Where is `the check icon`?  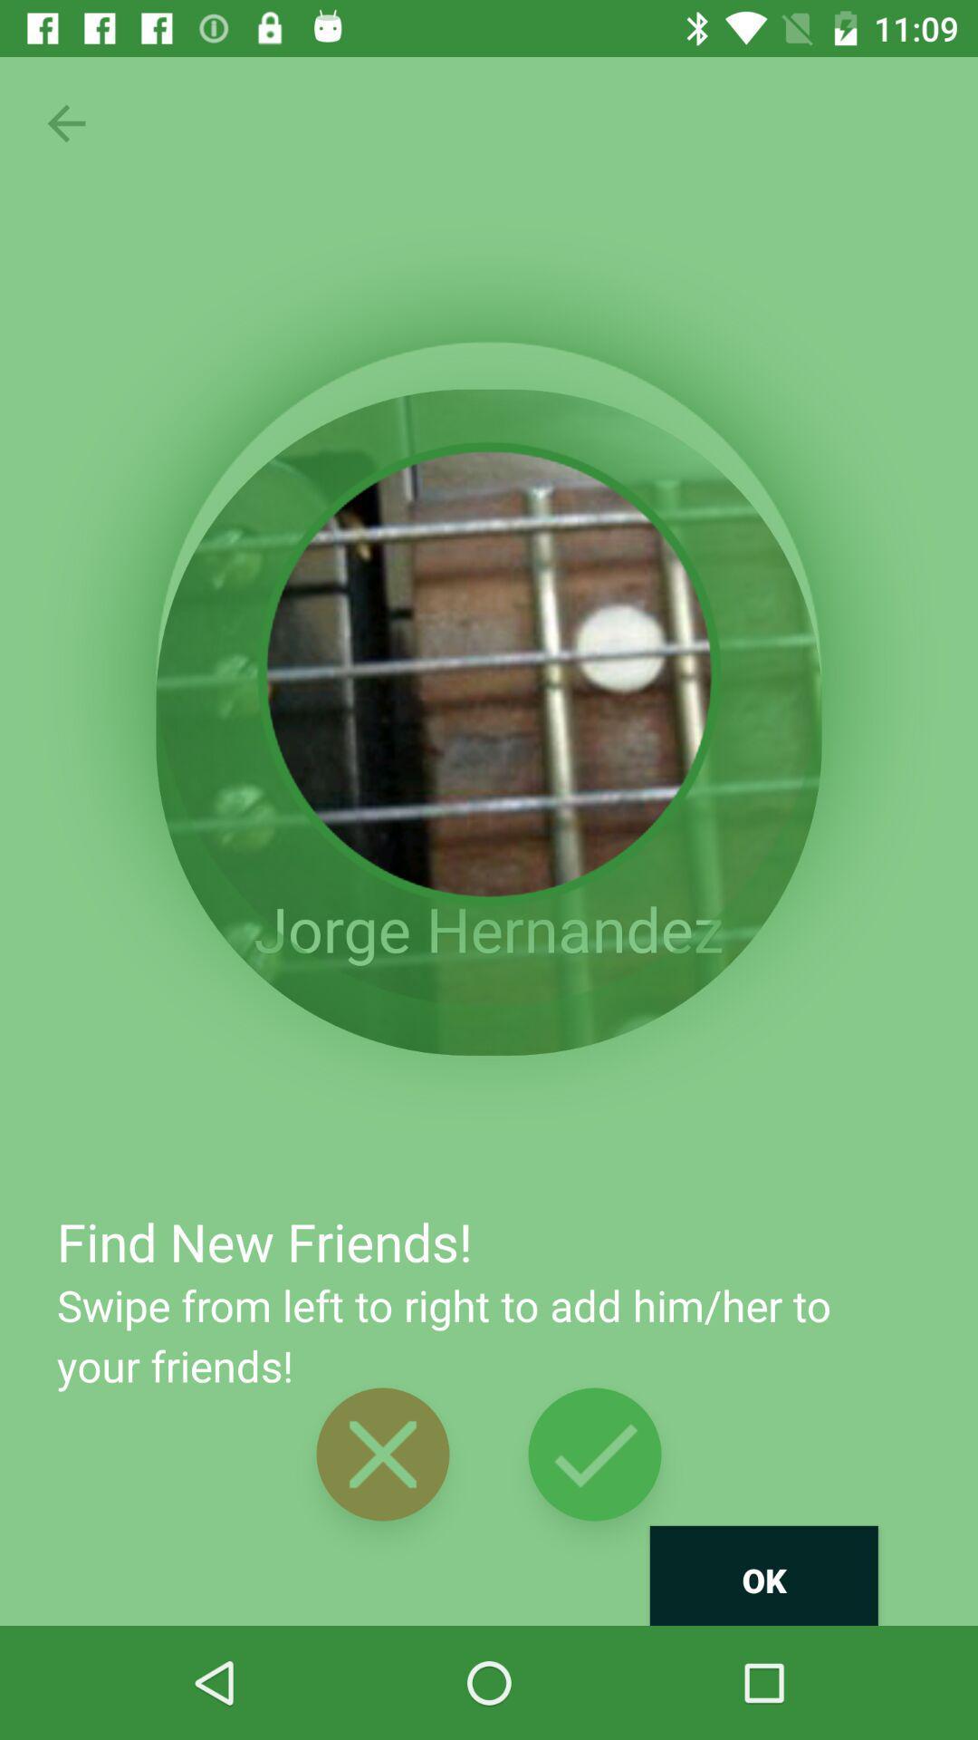
the check icon is located at coordinates (594, 1454).